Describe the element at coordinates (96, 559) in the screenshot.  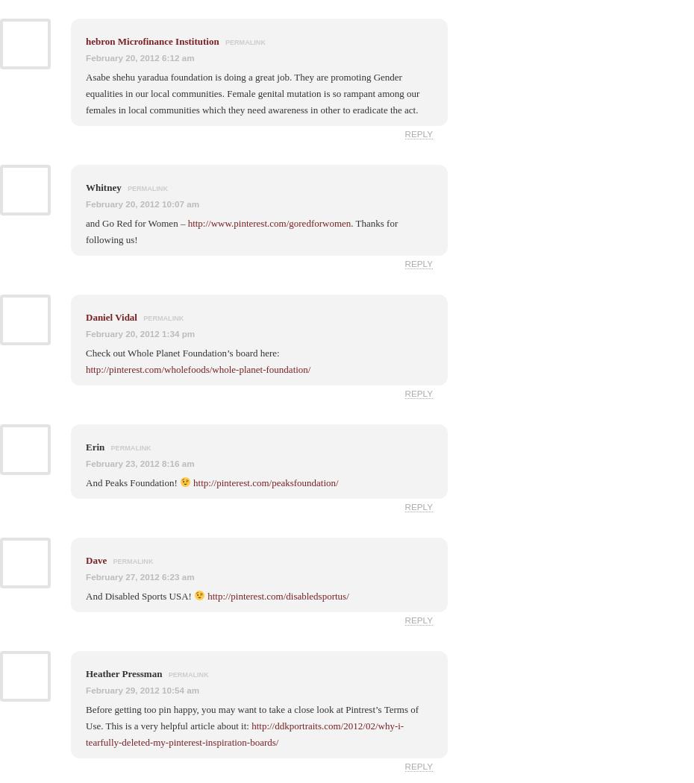
I see `'Dave'` at that location.